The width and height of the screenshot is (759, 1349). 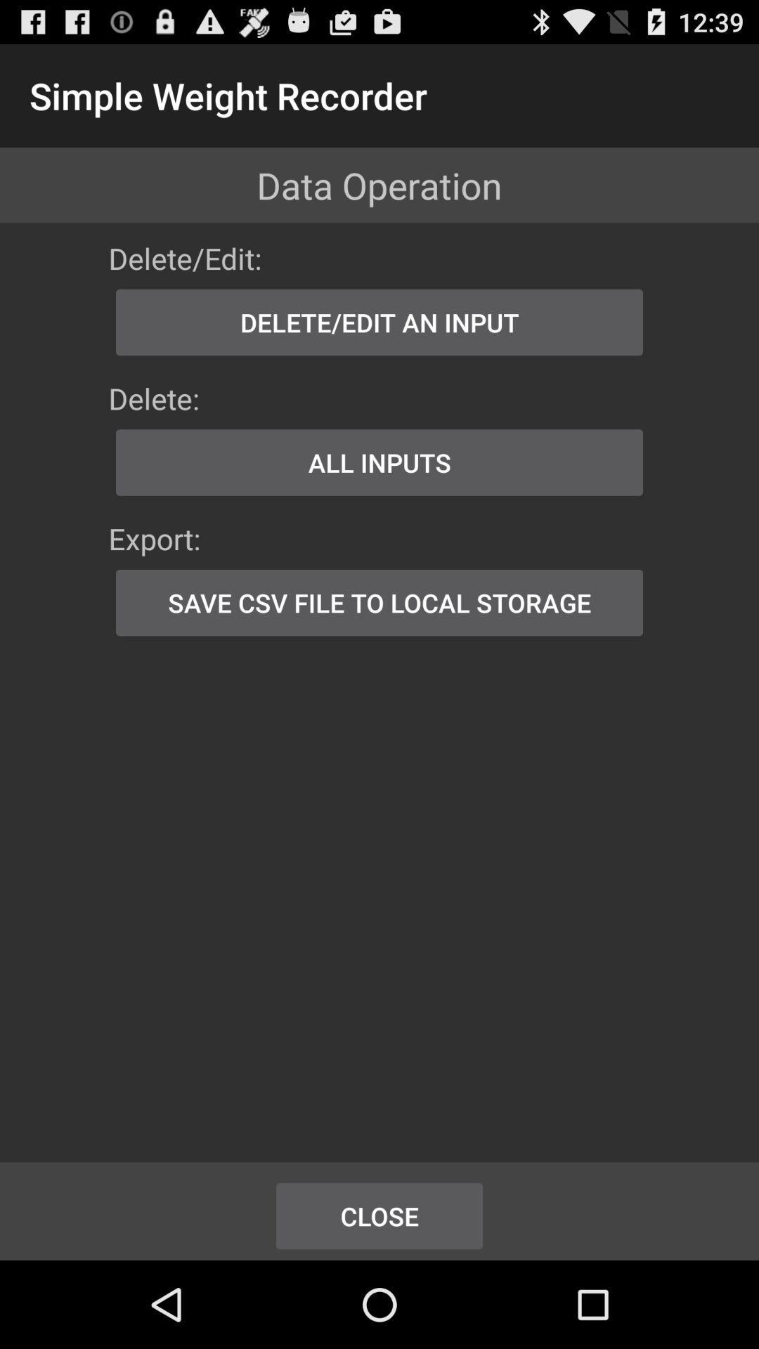 I want to click on the all inputs icon, so click(x=379, y=462).